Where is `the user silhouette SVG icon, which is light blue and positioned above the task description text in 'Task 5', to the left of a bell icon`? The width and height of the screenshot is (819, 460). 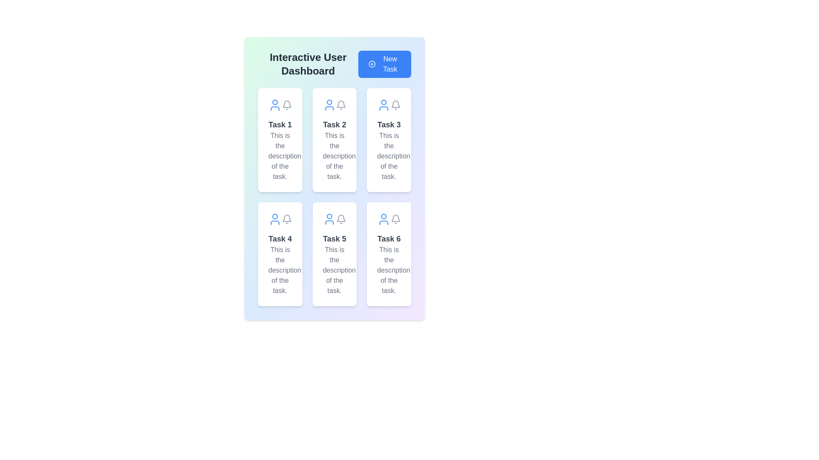 the user silhouette SVG icon, which is light blue and positioned above the task description text in 'Task 5', to the left of a bell icon is located at coordinates (329, 219).